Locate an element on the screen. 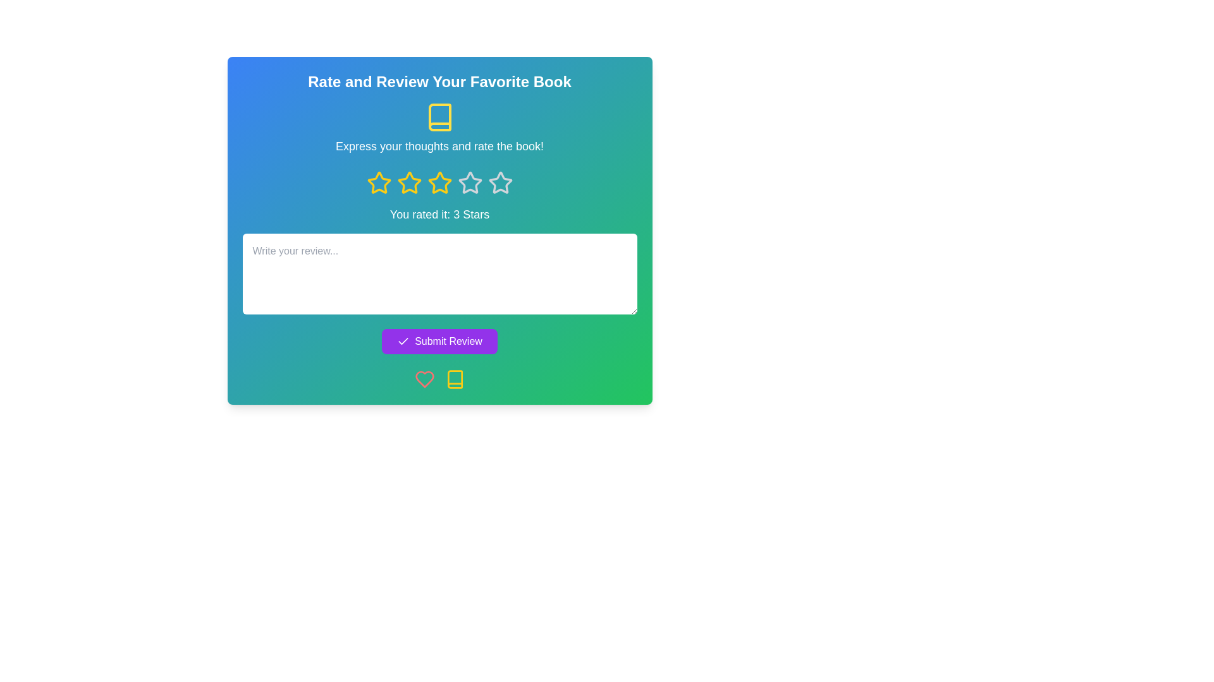 The height and width of the screenshot is (682, 1214). the third star-shaped rating icon with a yellow outline, located below the title 'Rate and Review Your Favorite Book' is located at coordinates (469, 182).